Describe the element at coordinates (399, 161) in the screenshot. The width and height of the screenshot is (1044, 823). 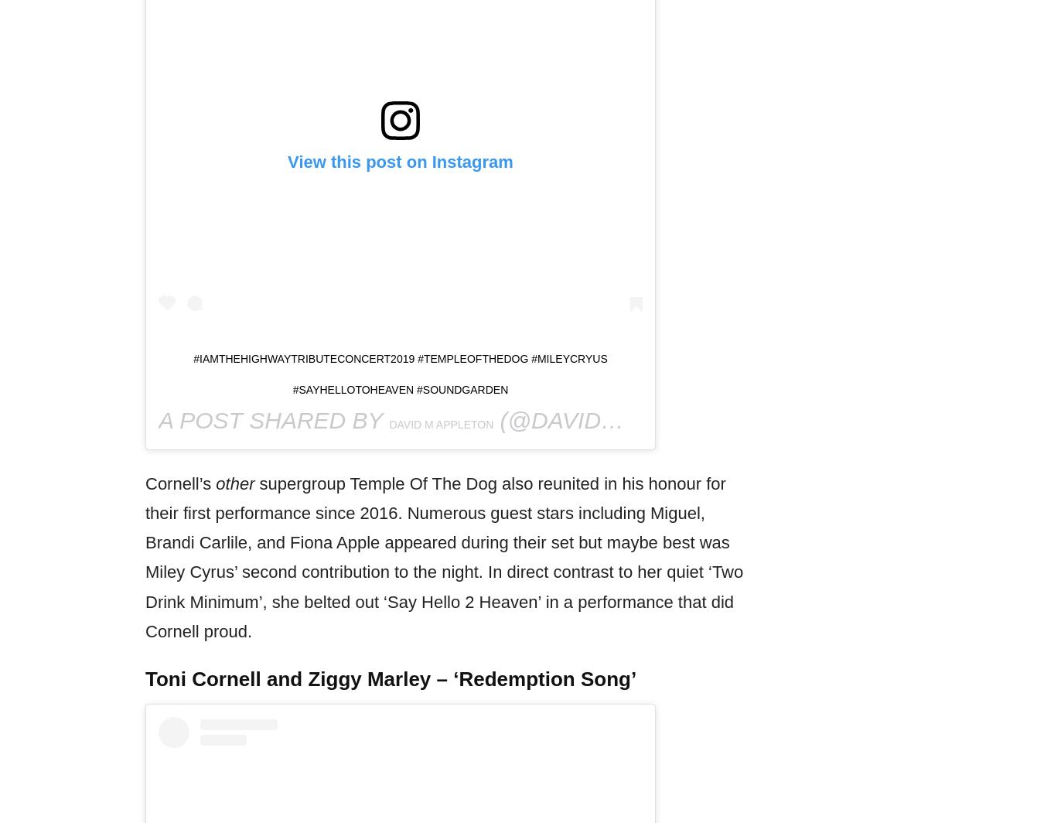
I see `'View this post on Instagram'` at that location.